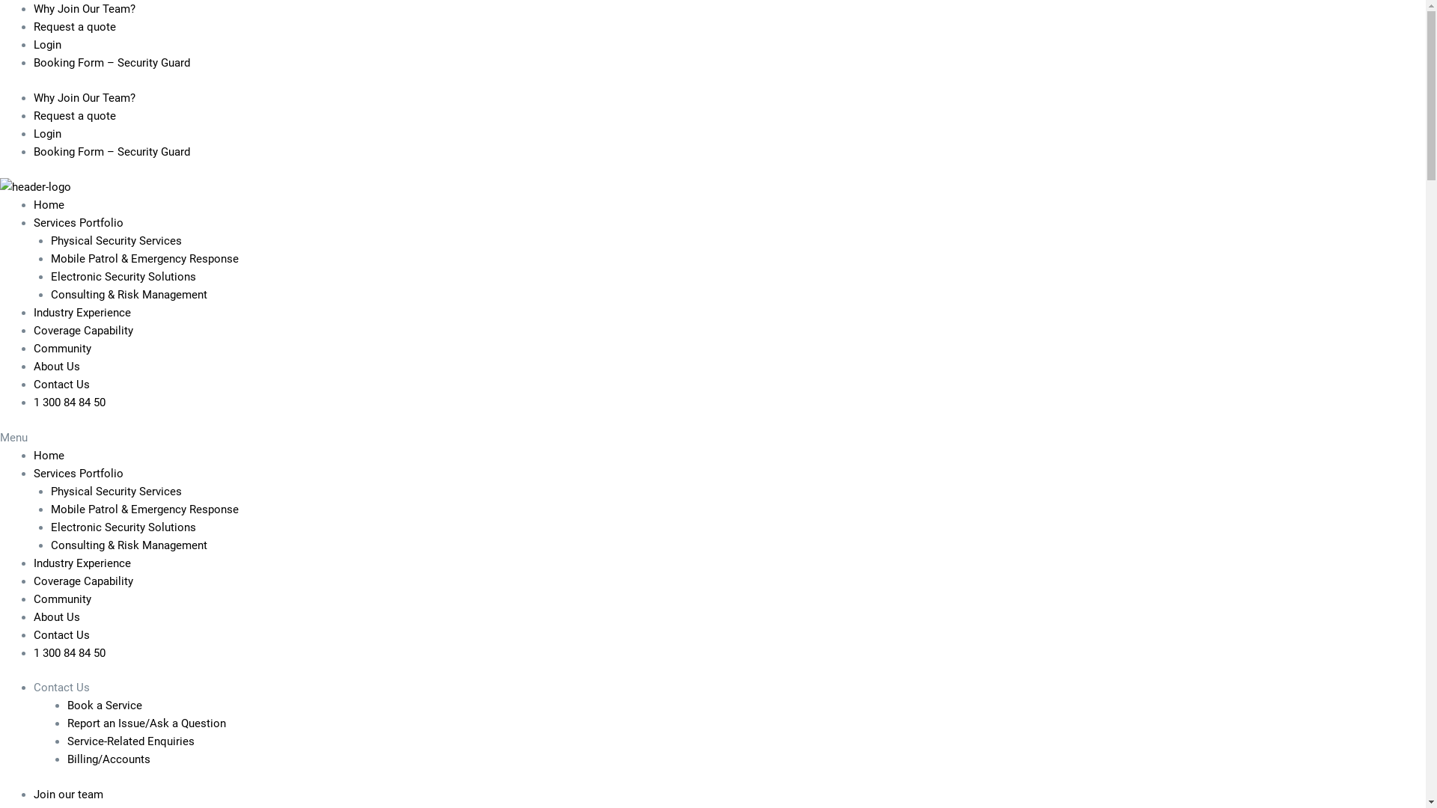 The height and width of the screenshot is (808, 1437). Describe the element at coordinates (78, 222) in the screenshot. I see `'Services Portfolio'` at that location.